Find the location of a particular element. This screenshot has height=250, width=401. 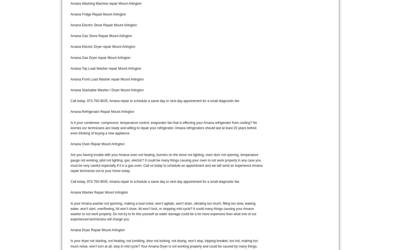

'Amana Gas Stove Repair Mount Arlington' is located at coordinates (101, 35).